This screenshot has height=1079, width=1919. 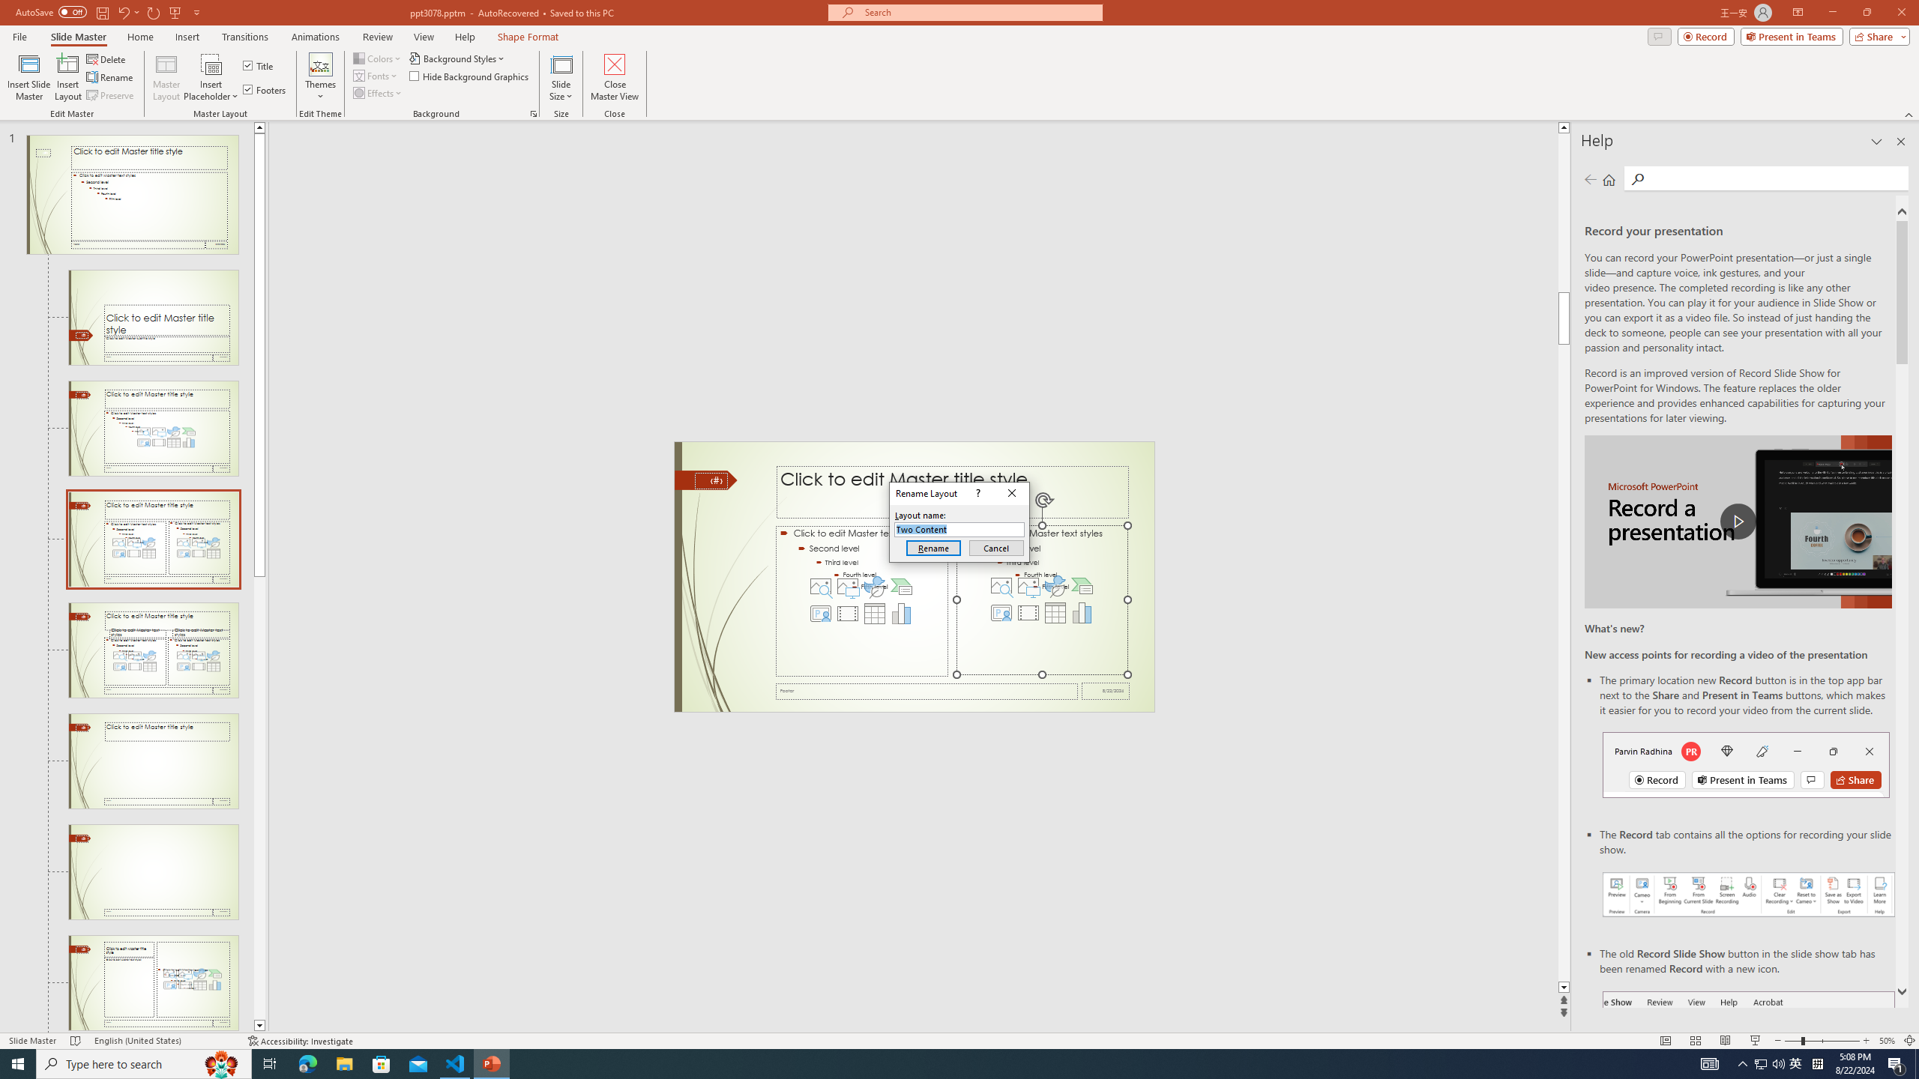 I want to click on 'Record your presentations screenshot one', so click(x=1748, y=893).